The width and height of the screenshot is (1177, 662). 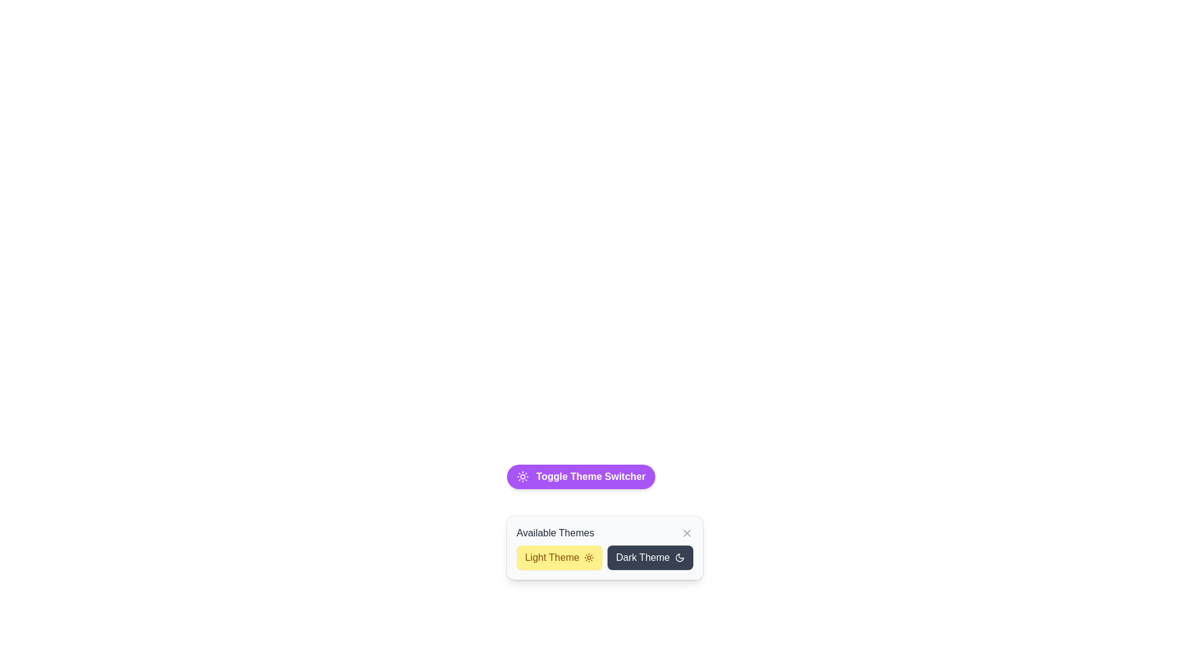 What do you see at coordinates (581, 476) in the screenshot?
I see `the toggle button for switching between different visual themes of the application` at bounding box center [581, 476].